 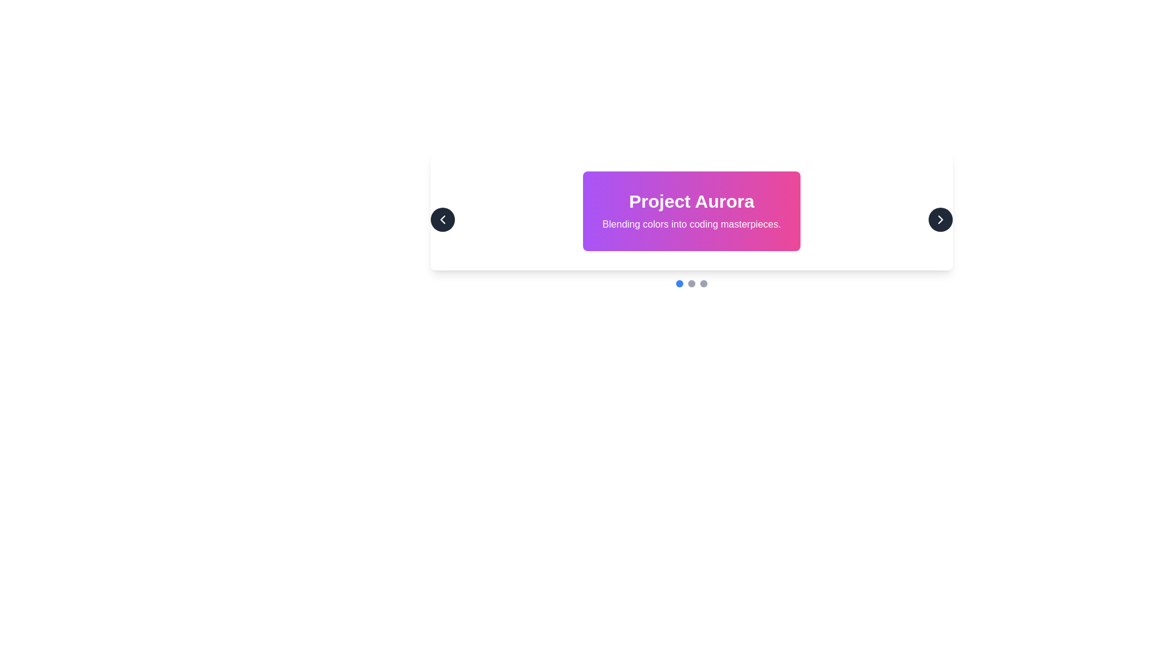 I want to click on the active blue circle in the Carousel navigation indicator located at the bottom of the 'Project Aurora' card layout, so click(x=692, y=284).